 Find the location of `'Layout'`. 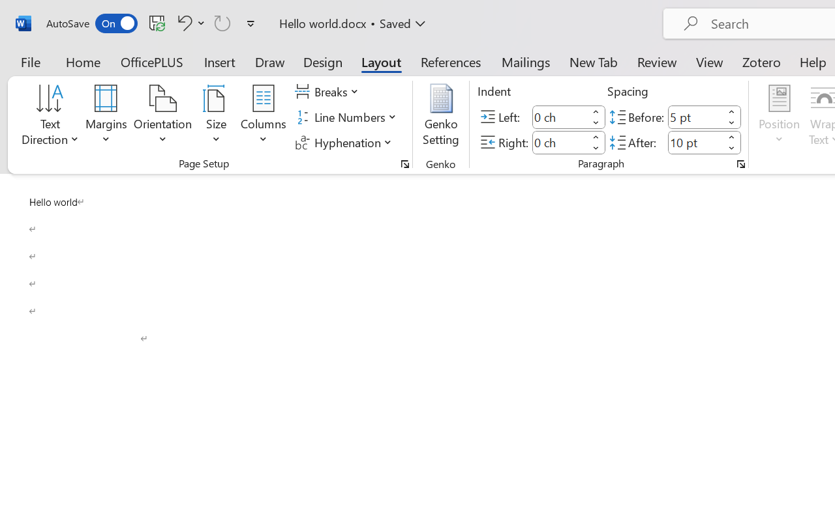

'Layout' is located at coordinates (380, 61).